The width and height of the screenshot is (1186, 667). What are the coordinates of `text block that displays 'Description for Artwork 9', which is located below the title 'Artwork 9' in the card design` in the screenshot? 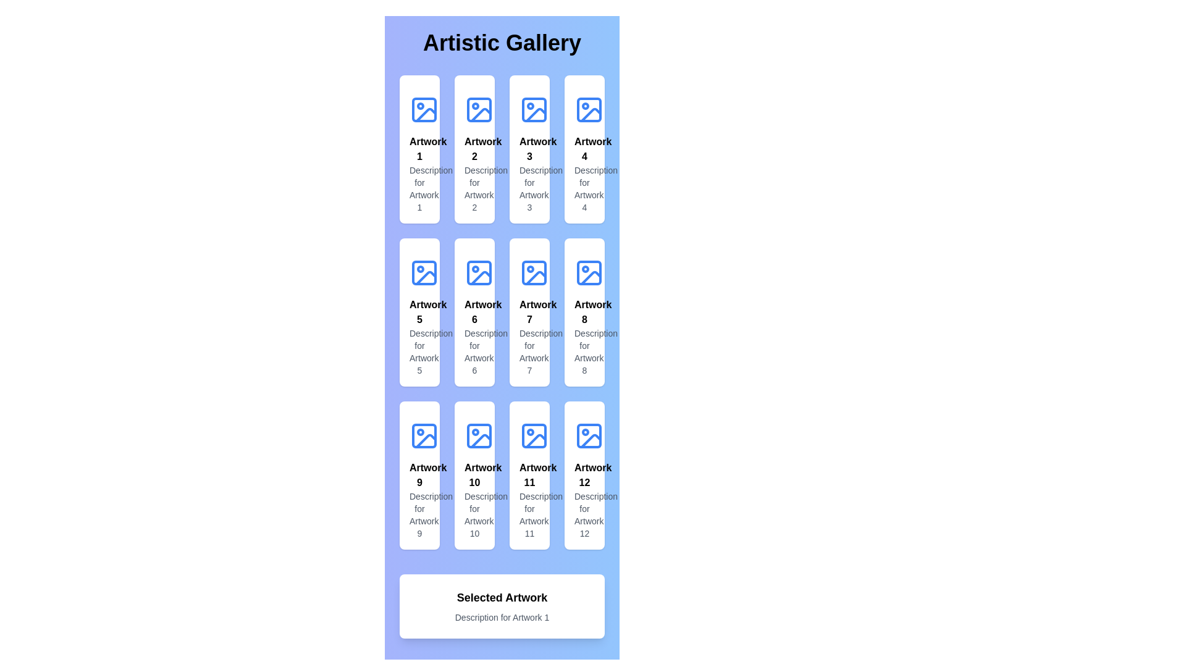 It's located at (419, 514).